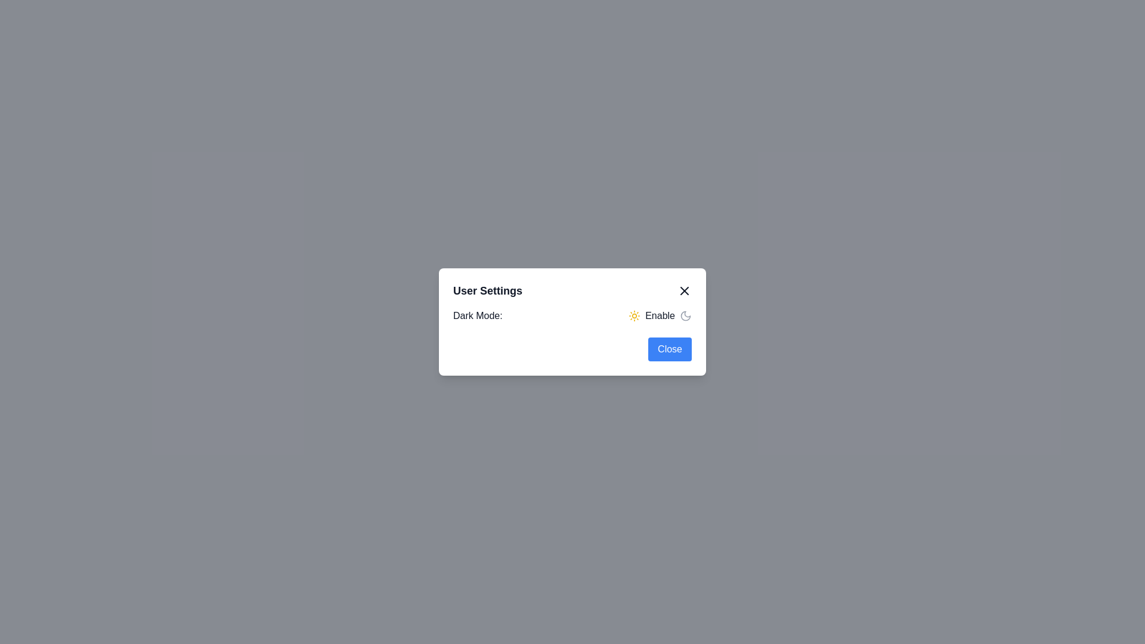  Describe the element at coordinates (686, 315) in the screenshot. I see `the crescent moon icon styled in gray, positioned at the end of the toggle label 'Enable' under the 'Dark Mode' heading in the settings dialog box` at that location.